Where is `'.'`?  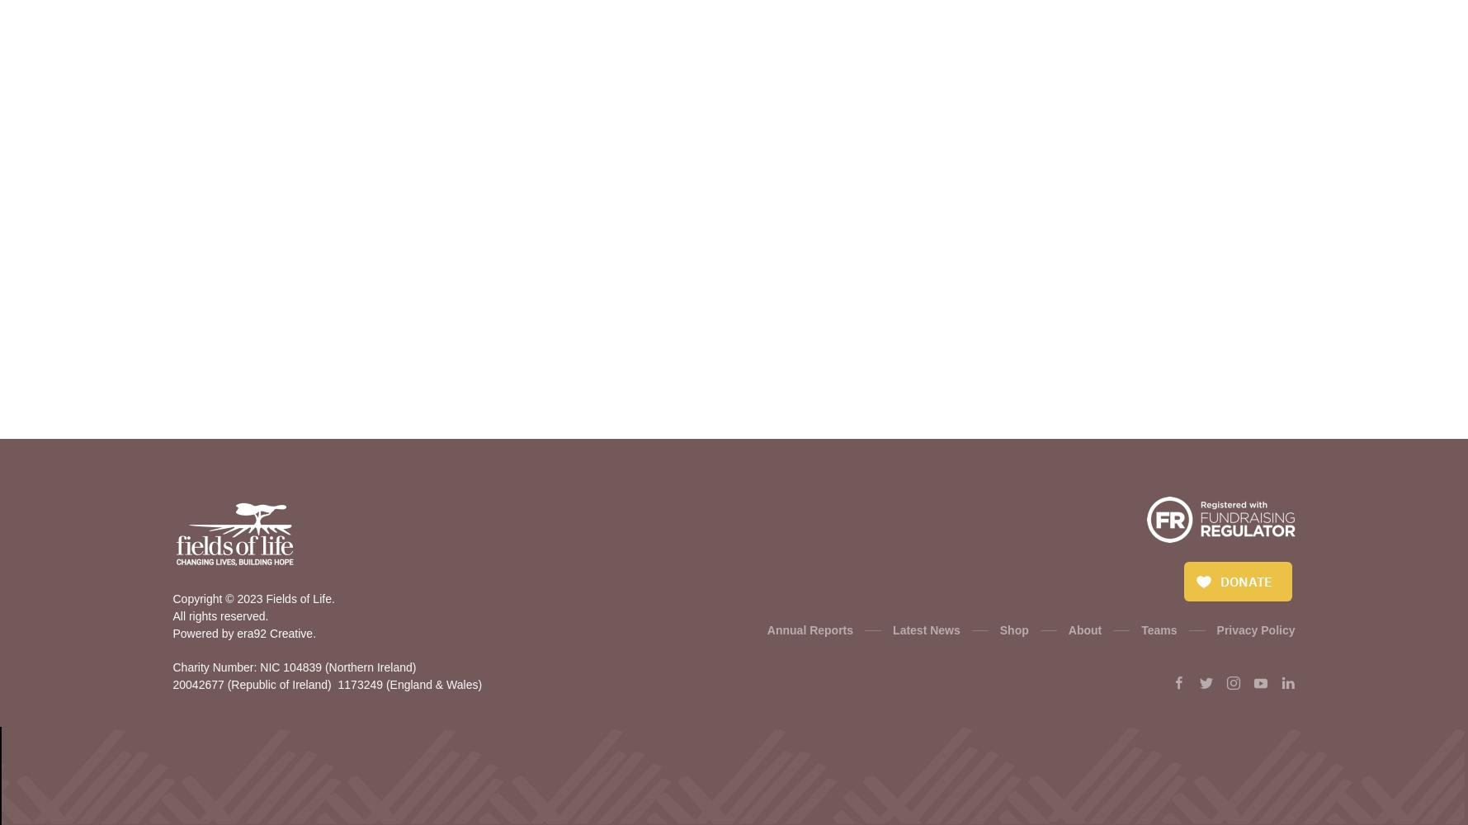 '.' is located at coordinates (311, 634).